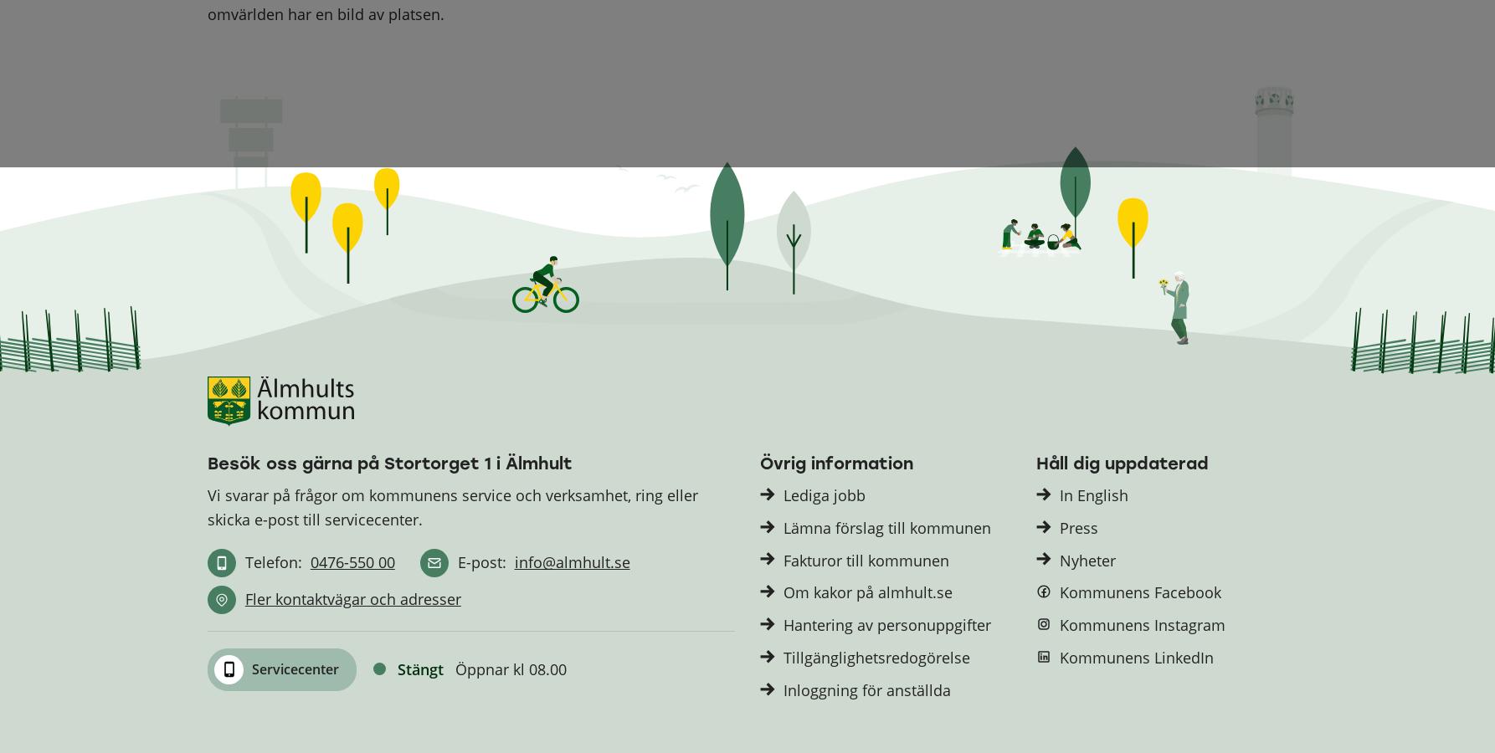  I want to click on 'info@almhult.se', so click(571, 562).